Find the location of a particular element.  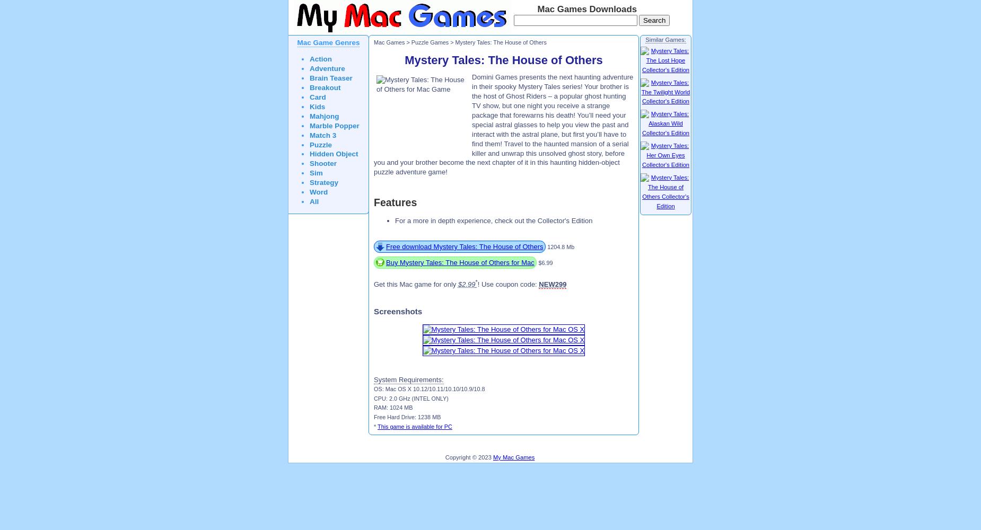

'$2.99' is located at coordinates (466, 284).